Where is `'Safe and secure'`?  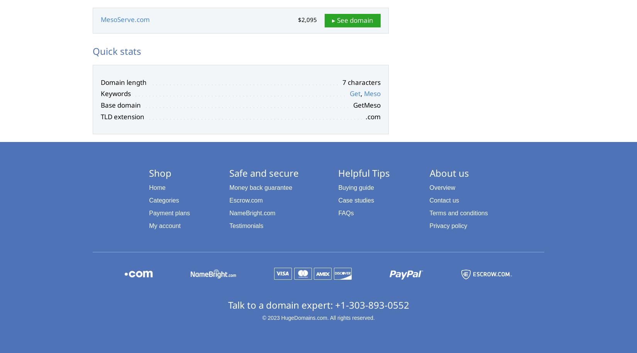 'Safe and secure' is located at coordinates (263, 173).